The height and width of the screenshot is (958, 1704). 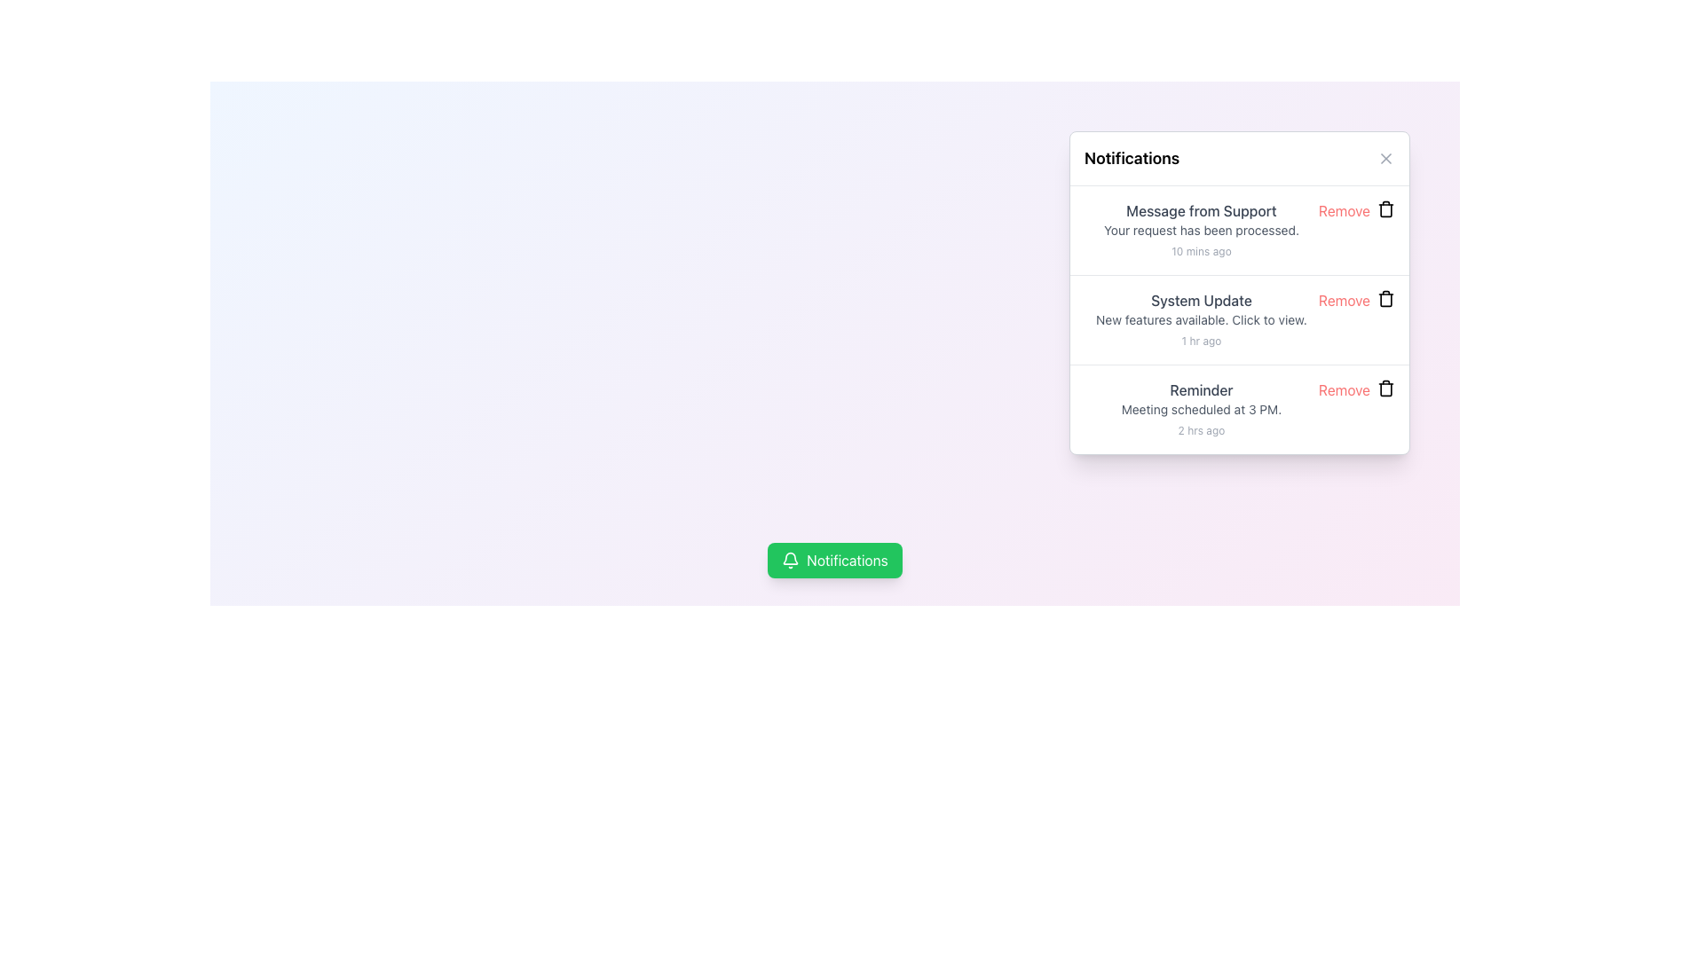 I want to click on static text label that displays 'Your request has been processed.' located in the notification section below the title 'Message from Support' and above the timestamp '10 mins ago', so click(x=1201, y=229).